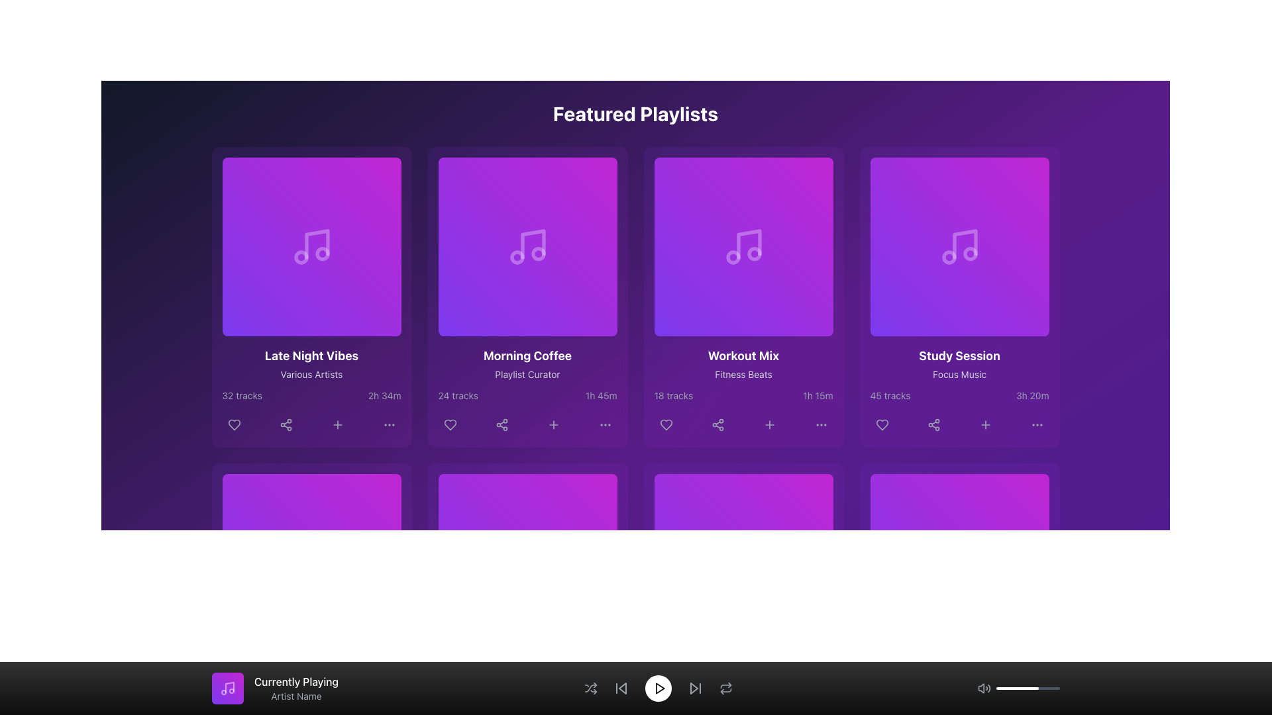 The image size is (1272, 715). What do you see at coordinates (229, 686) in the screenshot?
I see `the music currently playing icon located in the bottom bar, which is positioned to the left of the text 'Currently Playing'` at bounding box center [229, 686].